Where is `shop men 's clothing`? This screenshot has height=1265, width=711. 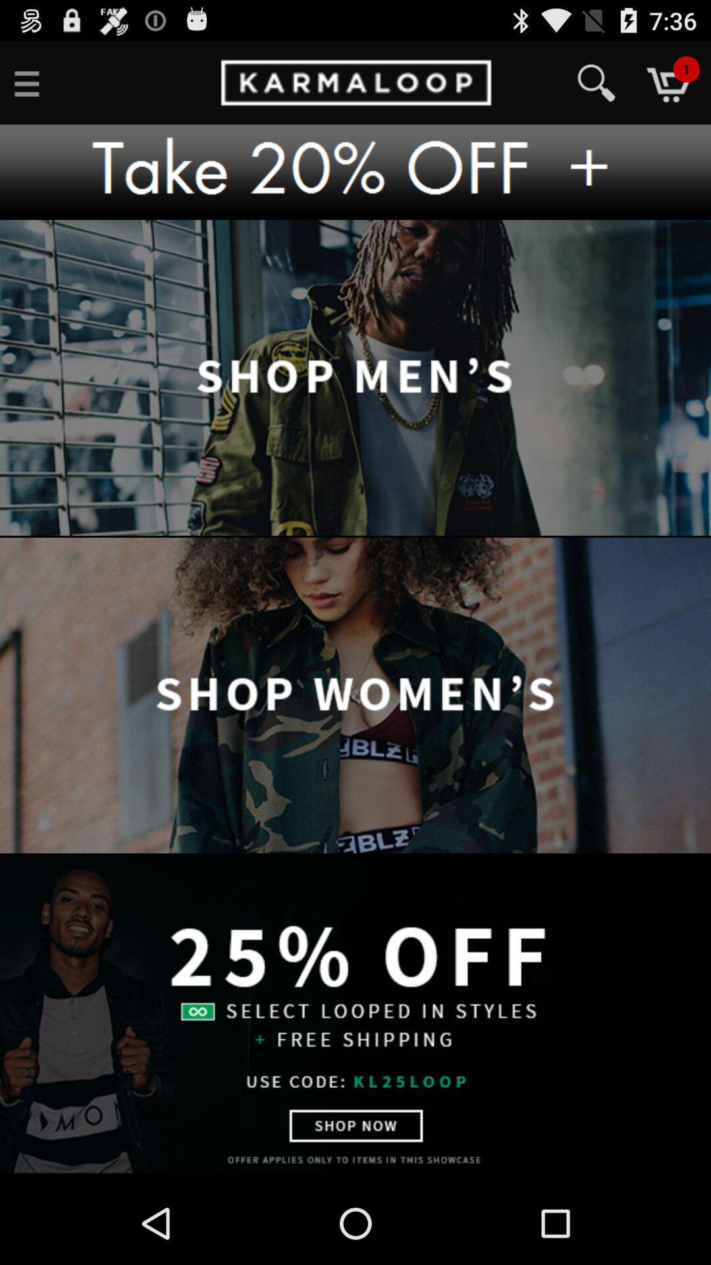 shop men 's clothing is located at coordinates (355, 378).